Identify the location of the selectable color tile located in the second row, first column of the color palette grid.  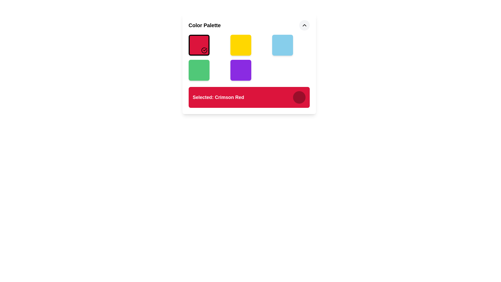
(199, 70).